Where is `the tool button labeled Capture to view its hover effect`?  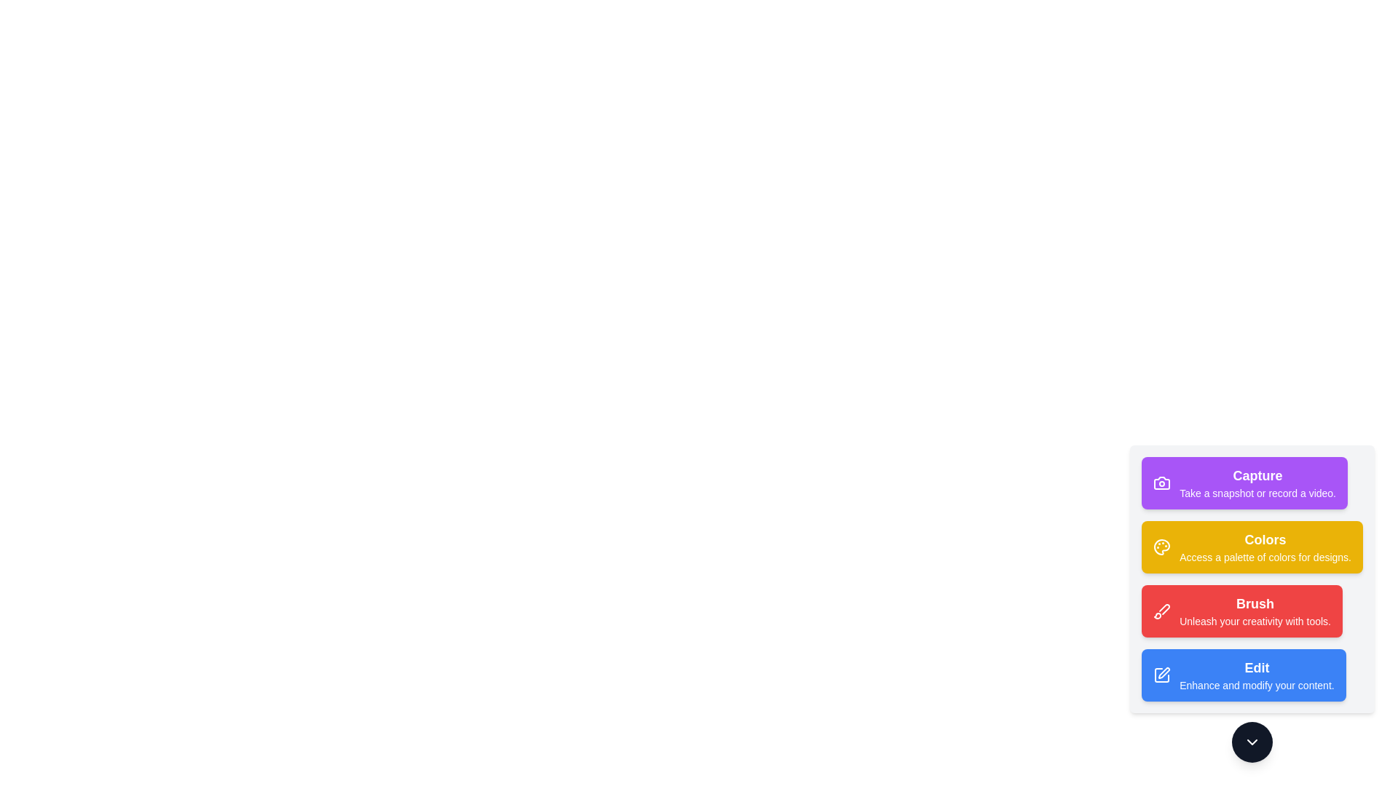
the tool button labeled Capture to view its hover effect is located at coordinates (1244, 483).